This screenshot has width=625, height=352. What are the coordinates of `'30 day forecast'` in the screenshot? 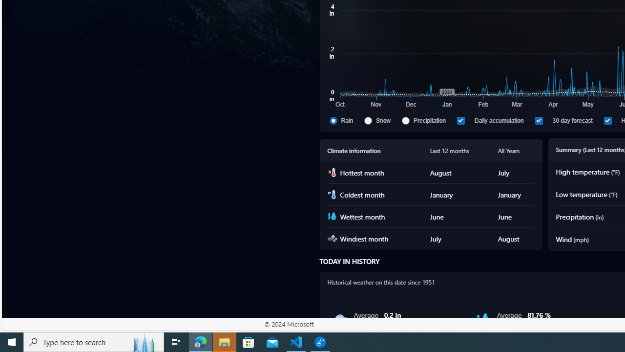 It's located at (538, 120).